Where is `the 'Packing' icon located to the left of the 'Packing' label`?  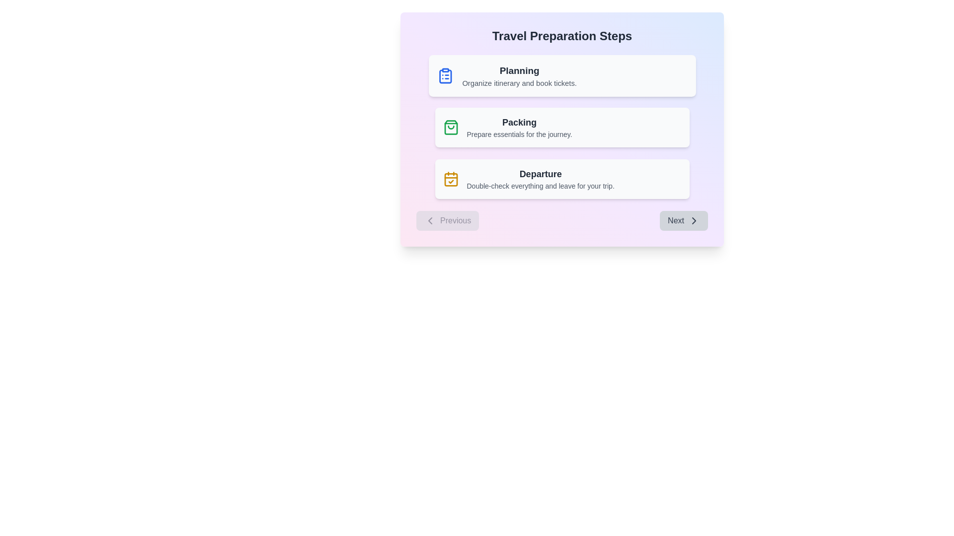
the 'Packing' icon located to the left of the 'Packing' label is located at coordinates (450, 127).